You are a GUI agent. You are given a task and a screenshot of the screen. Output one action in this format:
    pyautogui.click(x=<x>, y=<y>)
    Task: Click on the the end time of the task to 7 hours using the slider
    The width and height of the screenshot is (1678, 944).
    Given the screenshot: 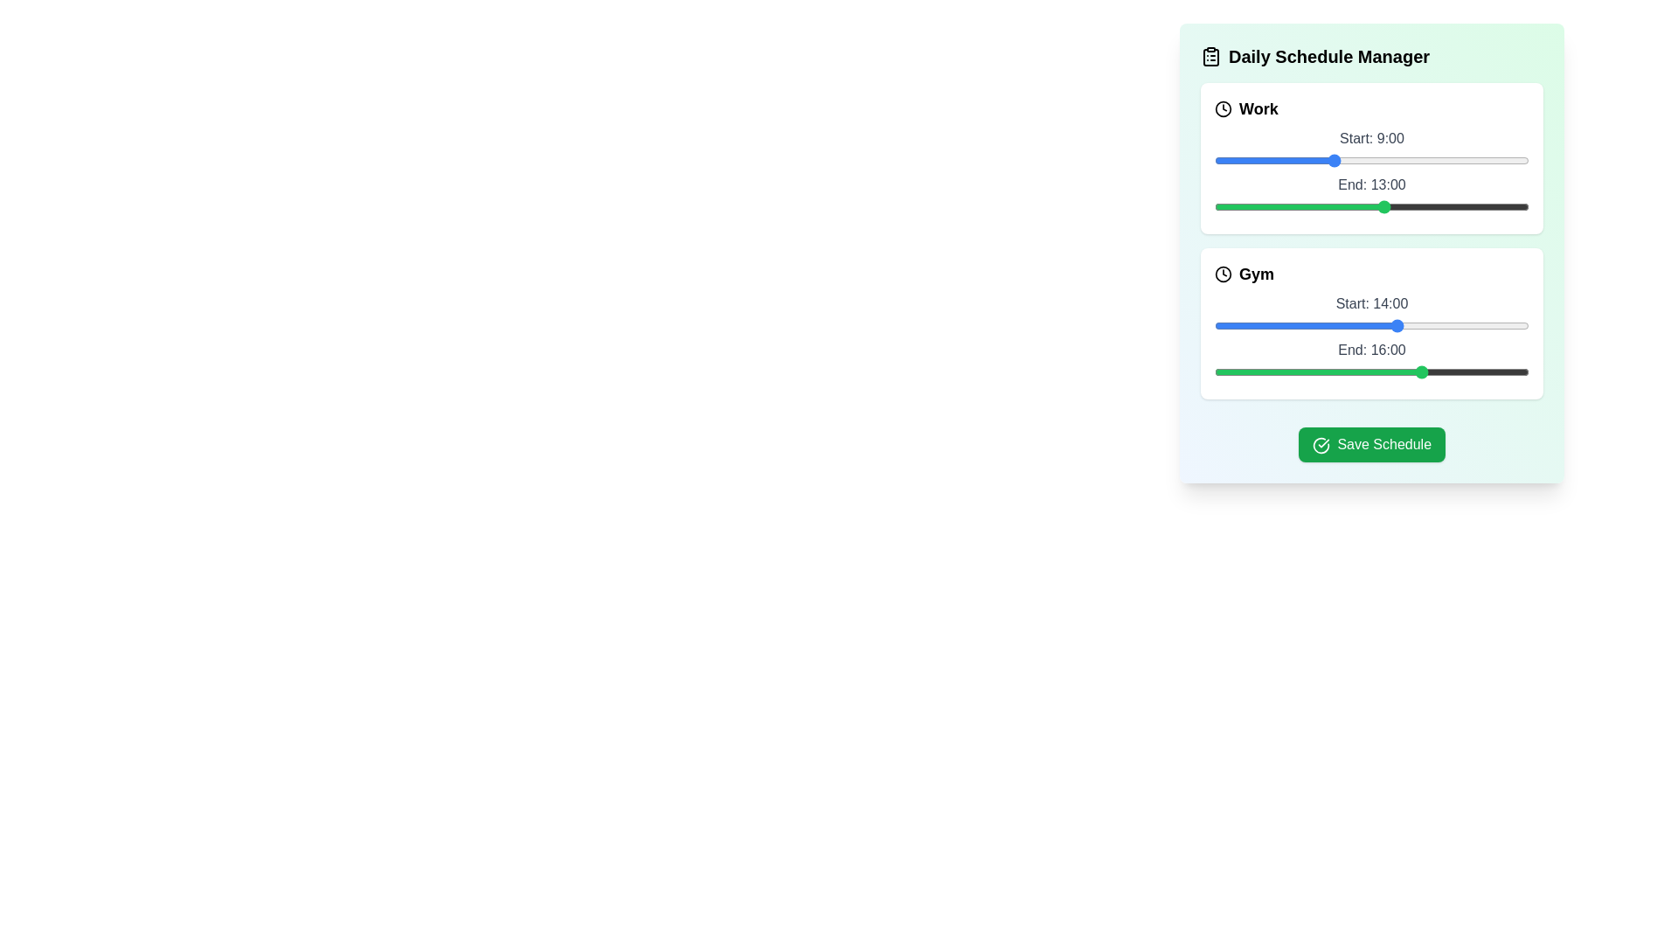 What is the action you would take?
    pyautogui.click(x=1306, y=205)
    